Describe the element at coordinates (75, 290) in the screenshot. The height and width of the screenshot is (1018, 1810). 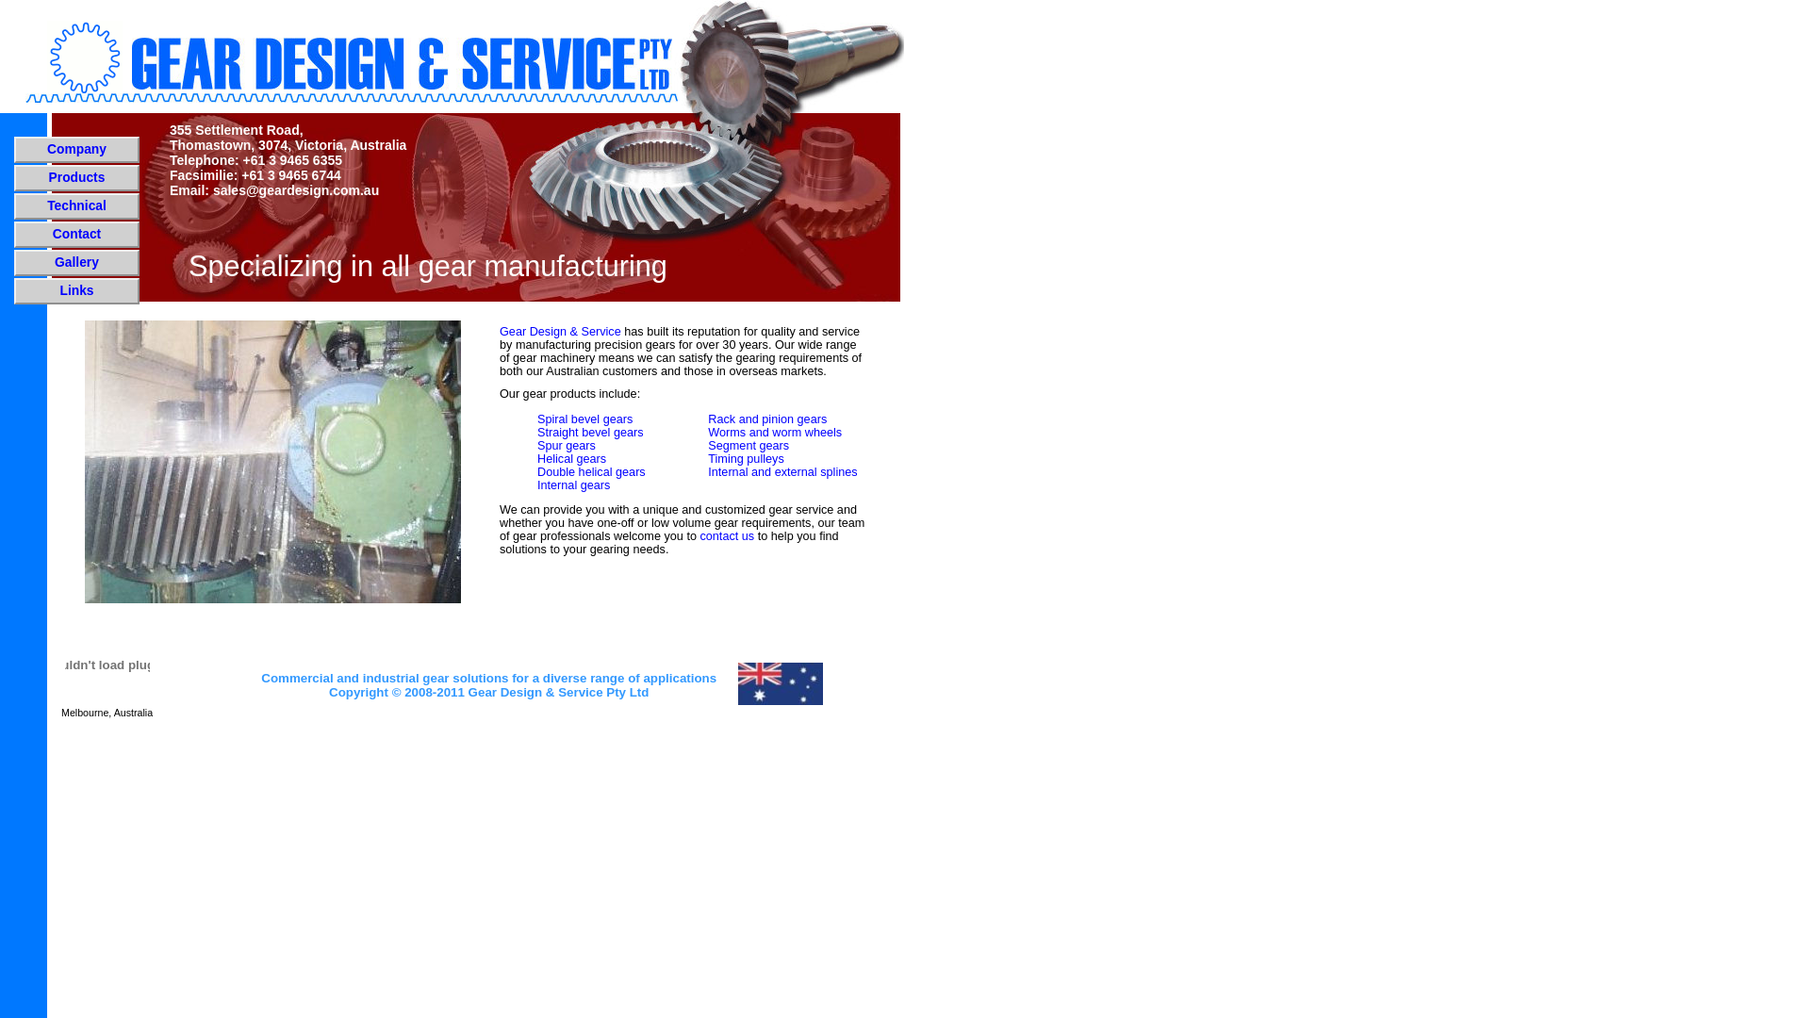
I see `'Links'` at that location.